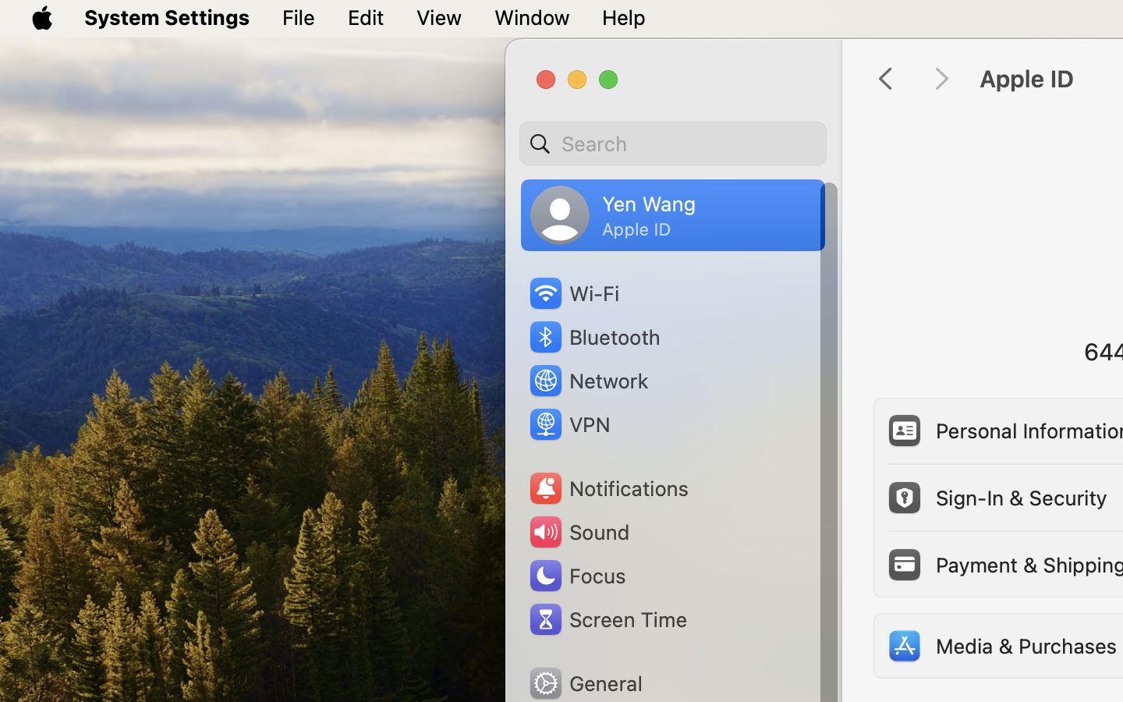  What do you see at coordinates (572, 293) in the screenshot?
I see `'Wi‑Fi'` at bounding box center [572, 293].